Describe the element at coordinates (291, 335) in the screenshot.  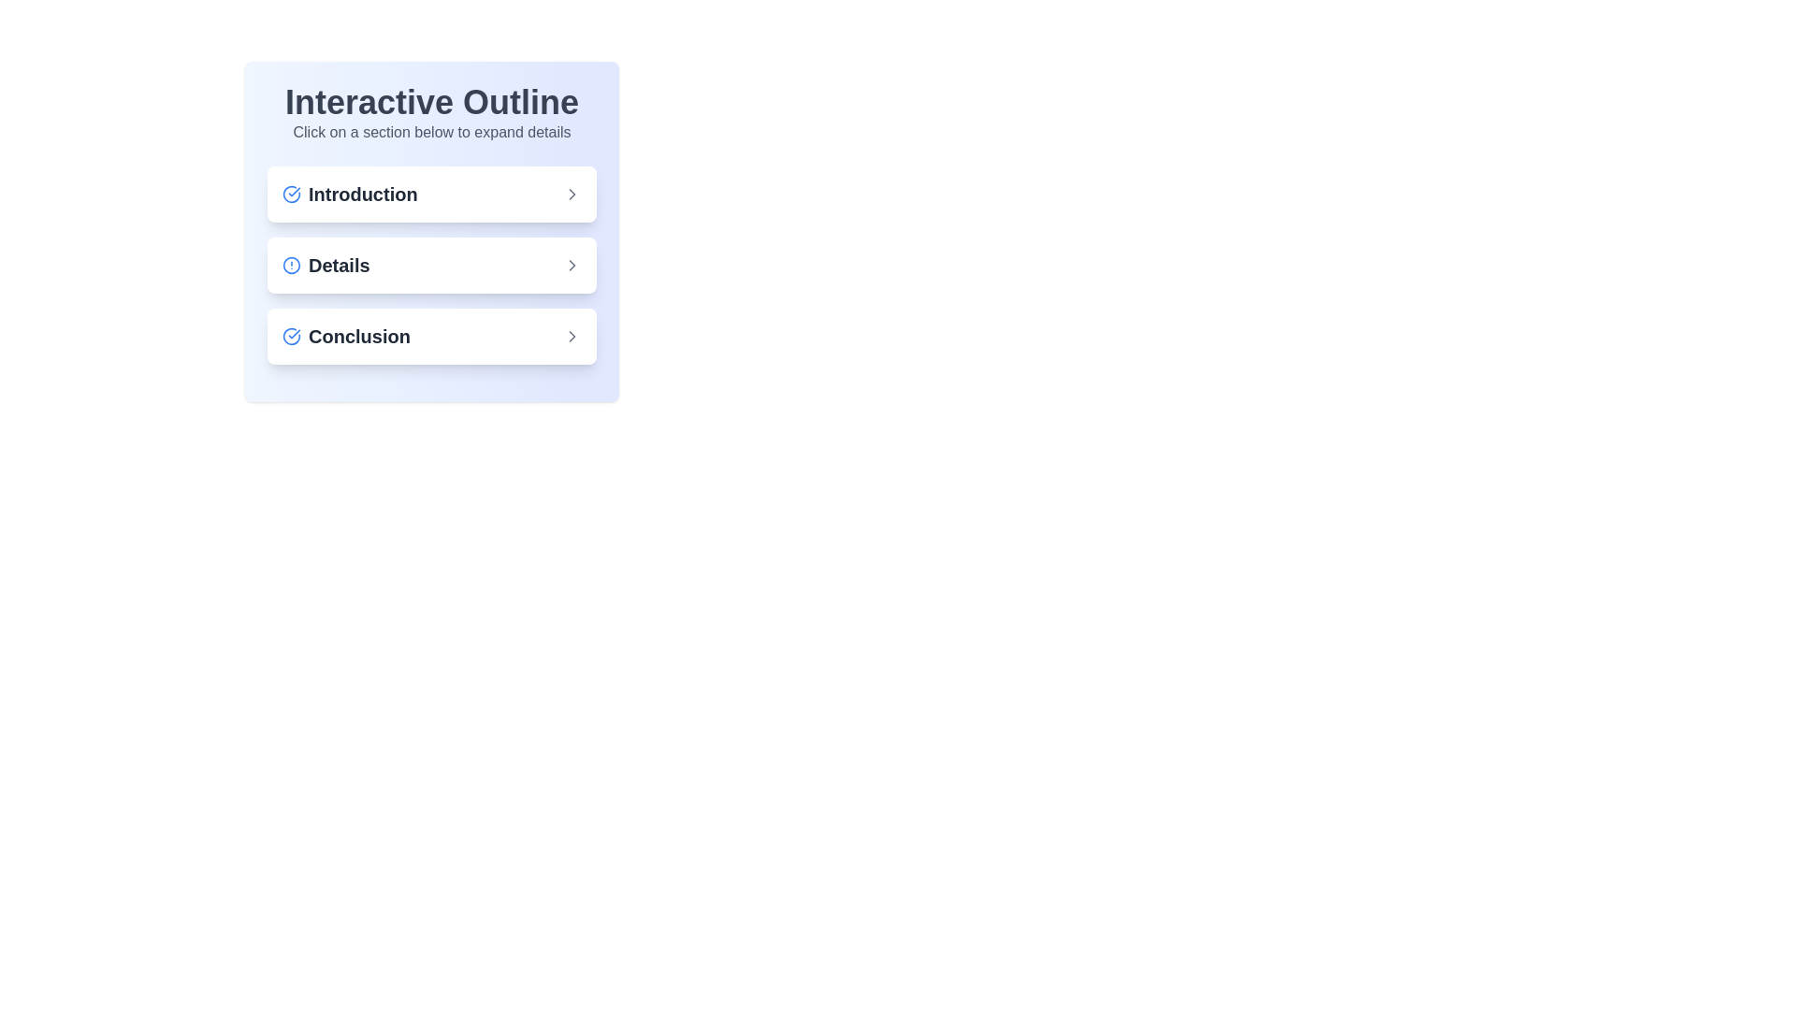
I see `the circular outline segment of the icon located to the left of the 'Conclusion' section item in the interactive outline interface` at that location.